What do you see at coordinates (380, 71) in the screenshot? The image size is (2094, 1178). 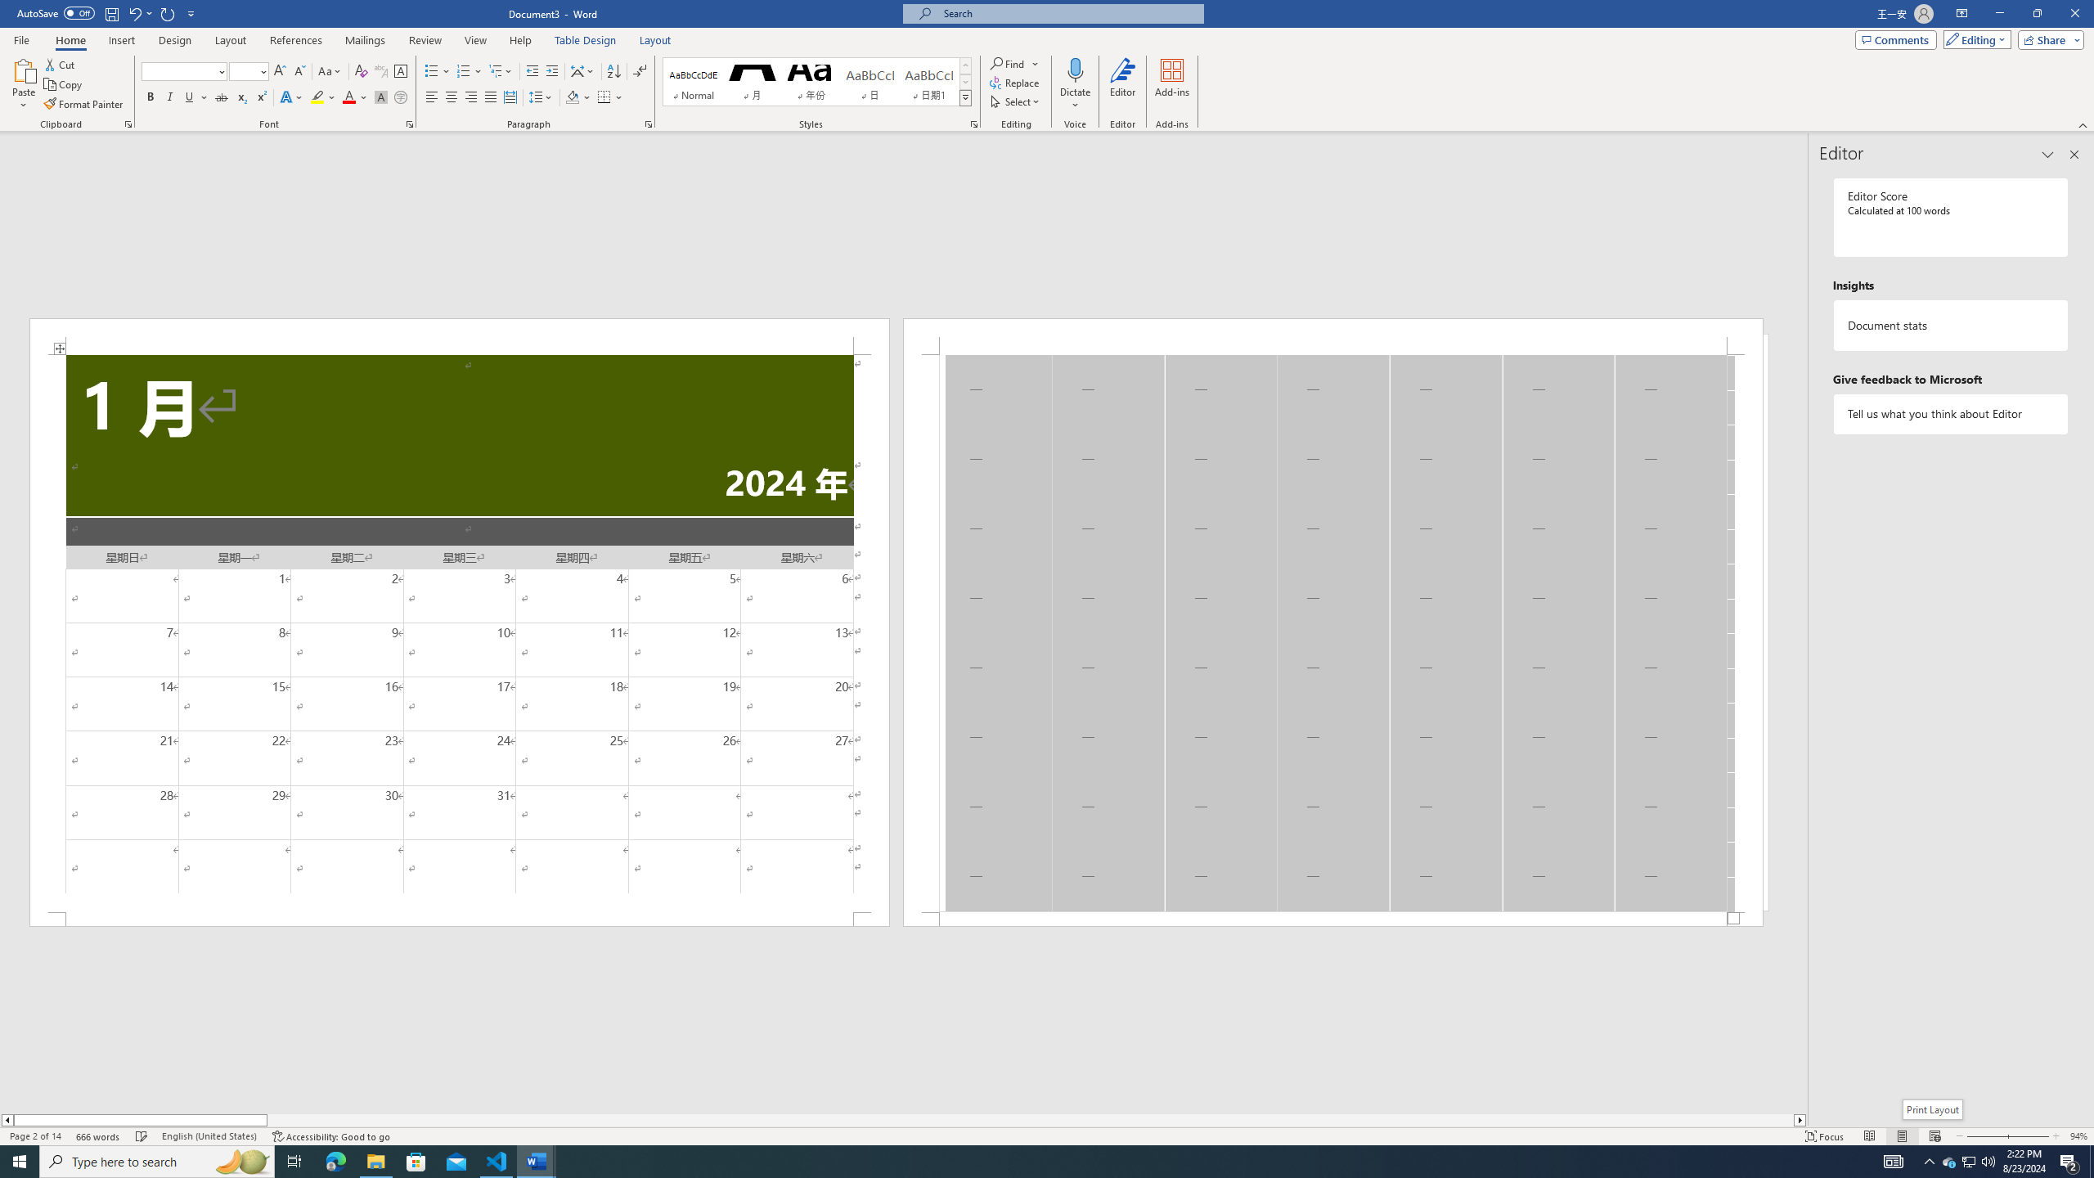 I see `'Phonetic Guide...'` at bounding box center [380, 71].